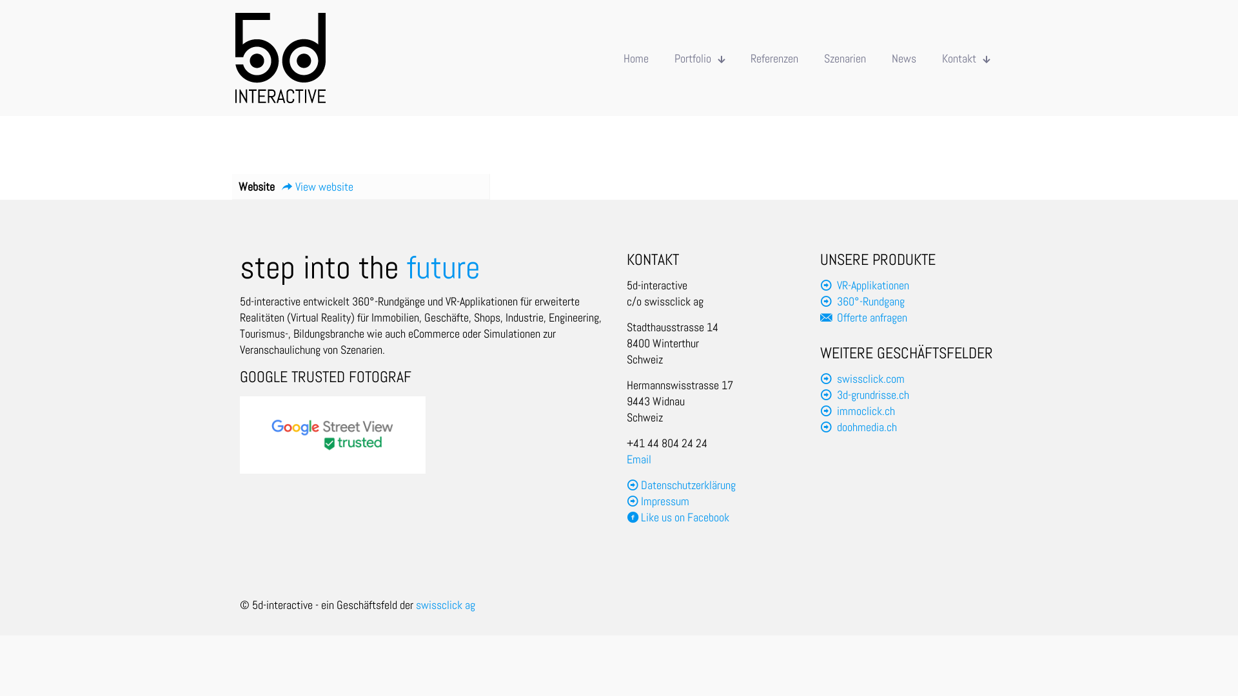 This screenshot has width=1238, height=696. Describe the element at coordinates (638, 458) in the screenshot. I see `'Email'` at that location.